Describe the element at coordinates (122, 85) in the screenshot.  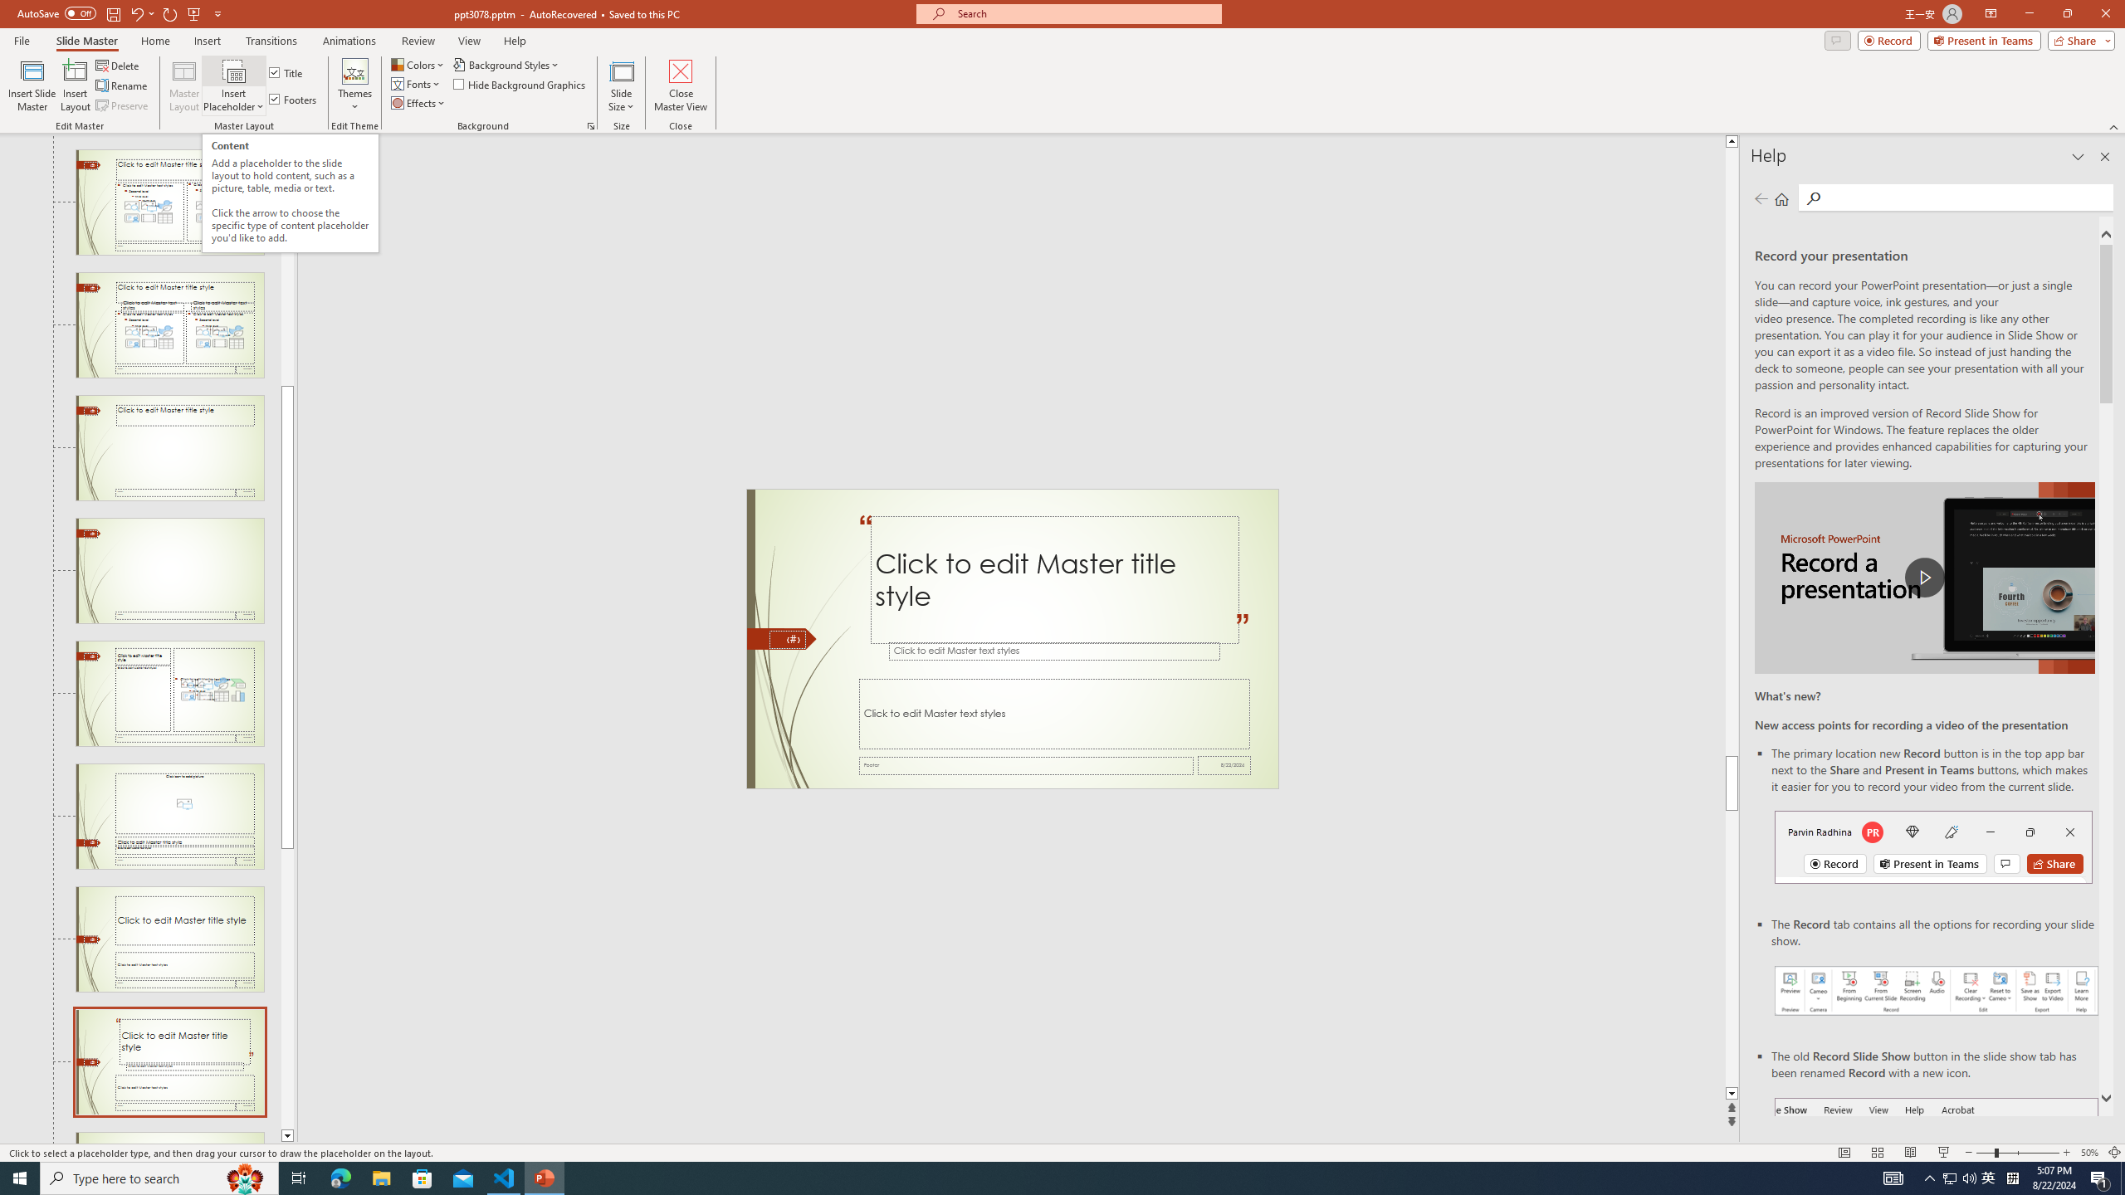
I see `'Rename'` at that location.